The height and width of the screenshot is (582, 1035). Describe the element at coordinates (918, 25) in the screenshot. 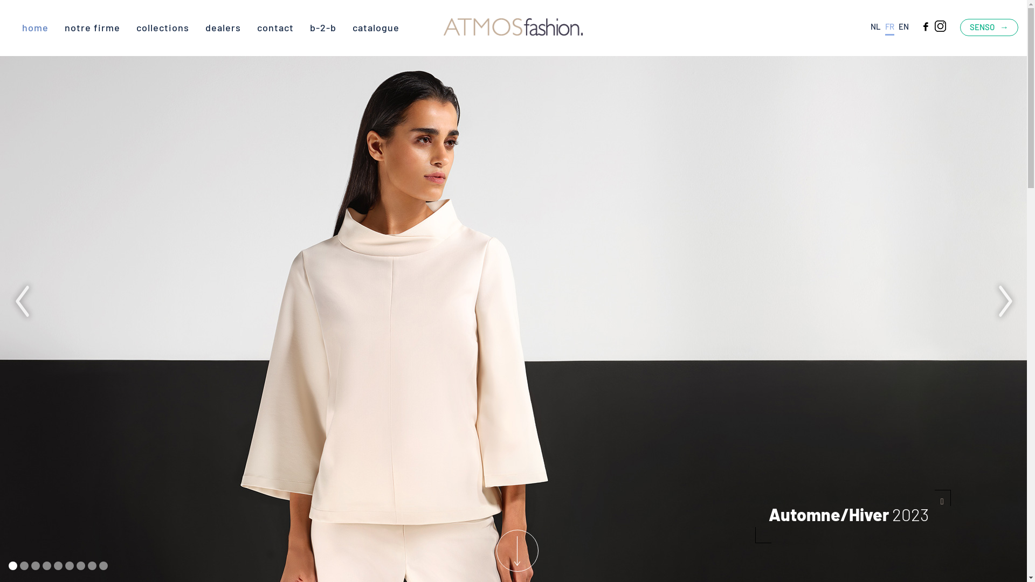

I see `'Visit our facebook page'` at that location.